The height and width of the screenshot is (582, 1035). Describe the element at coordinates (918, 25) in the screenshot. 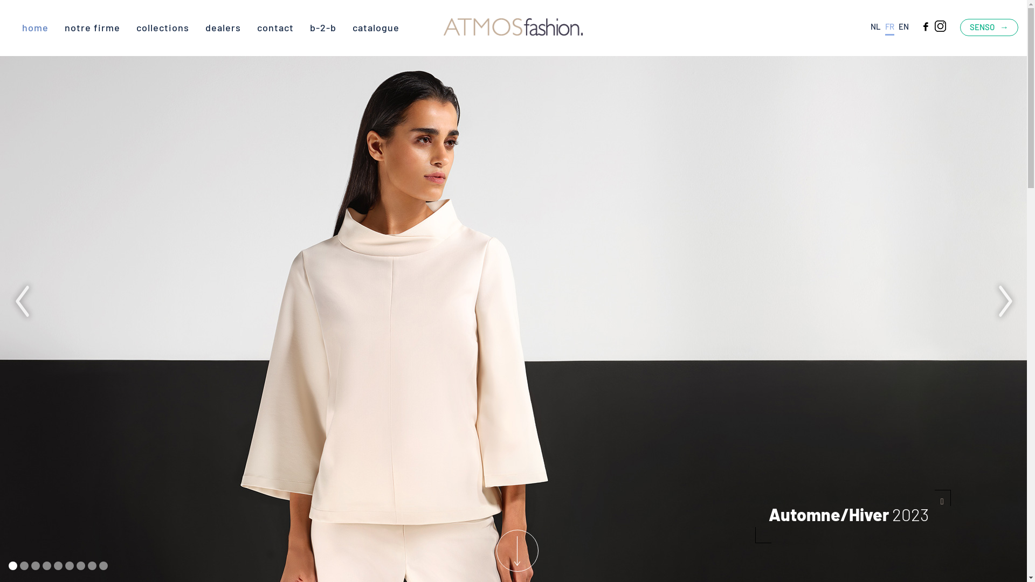

I see `'Visit our facebook page'` at that location.